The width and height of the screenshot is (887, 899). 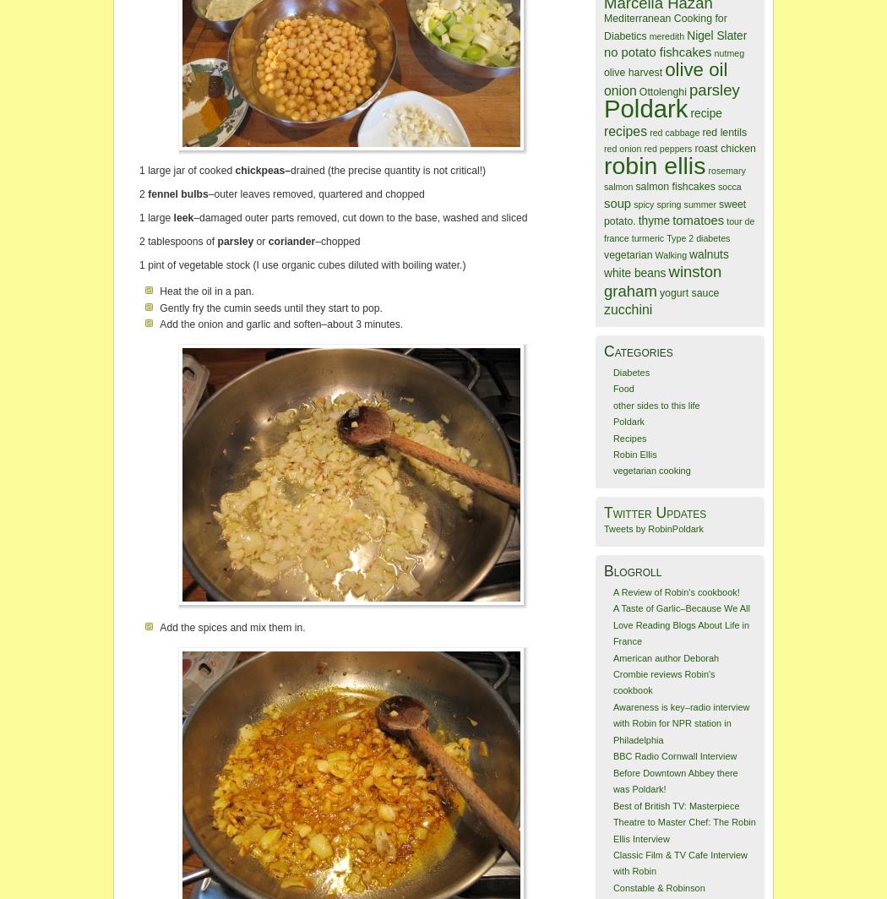 I want to click on 'Nigel Slater', so click(x=716, y=35).